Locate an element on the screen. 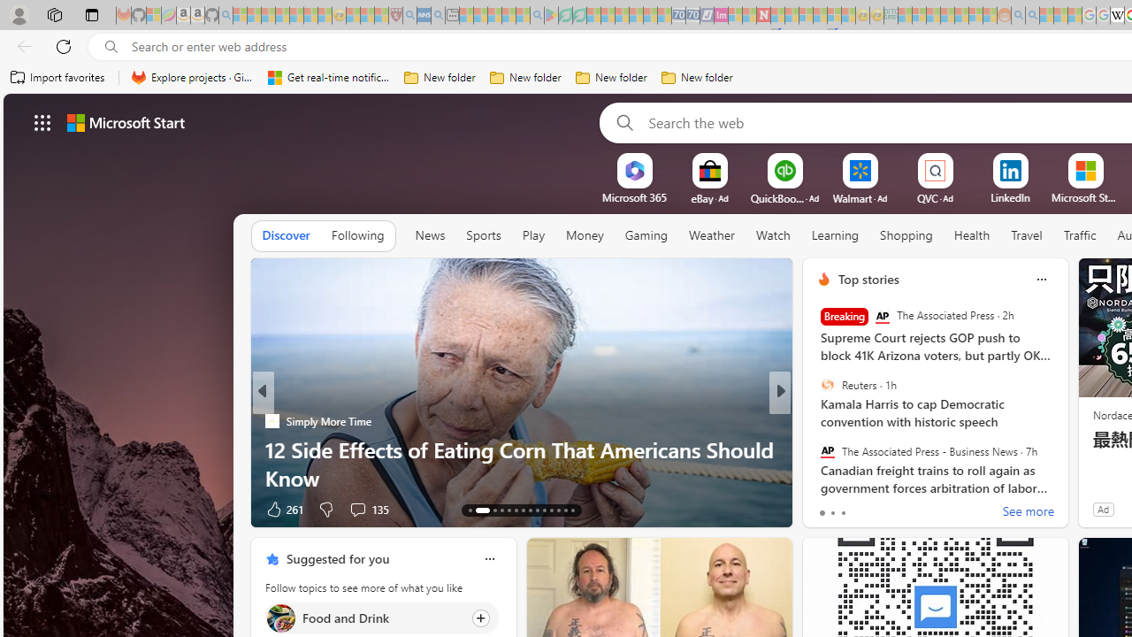  'Learning' is located at coordinates (834, 235).